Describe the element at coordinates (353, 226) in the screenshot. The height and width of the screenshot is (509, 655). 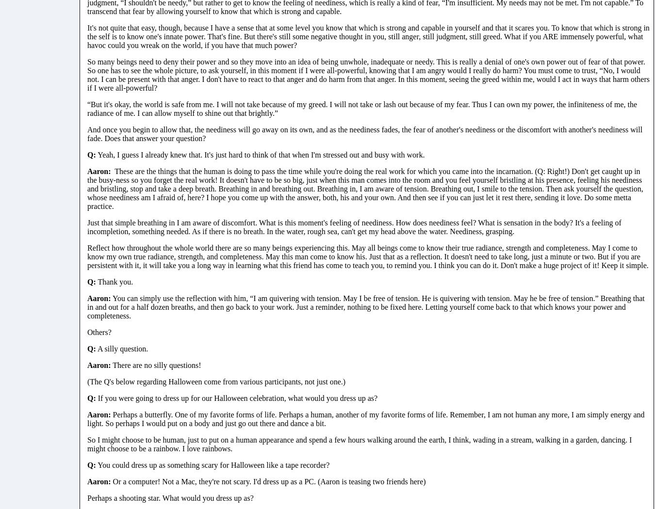
I see `'Just that simple breathing in I am aware of discomfort. What is this moment's feeling of neediness. How does neediness feel? What is sensation in the body? It's a feeling of incompletion, something needed. As if there is no breath. In the water, rough sea, can't get my head above the water. Neediness, grasping.'` at that location.